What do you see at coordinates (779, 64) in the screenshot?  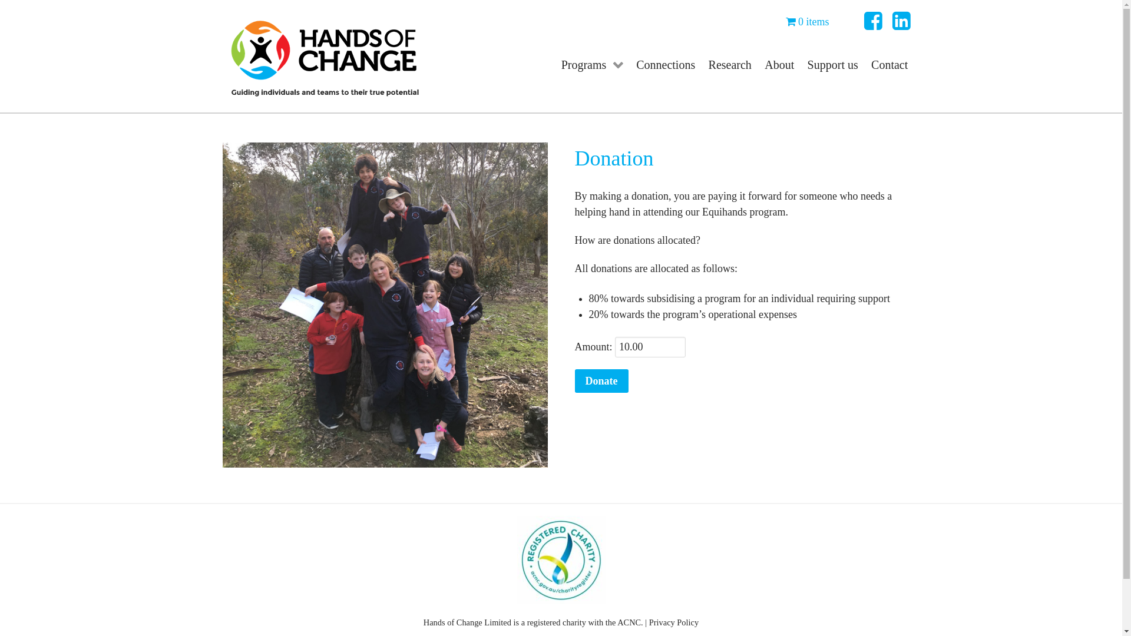 I see `'About'` at bounding box center [779, 64].